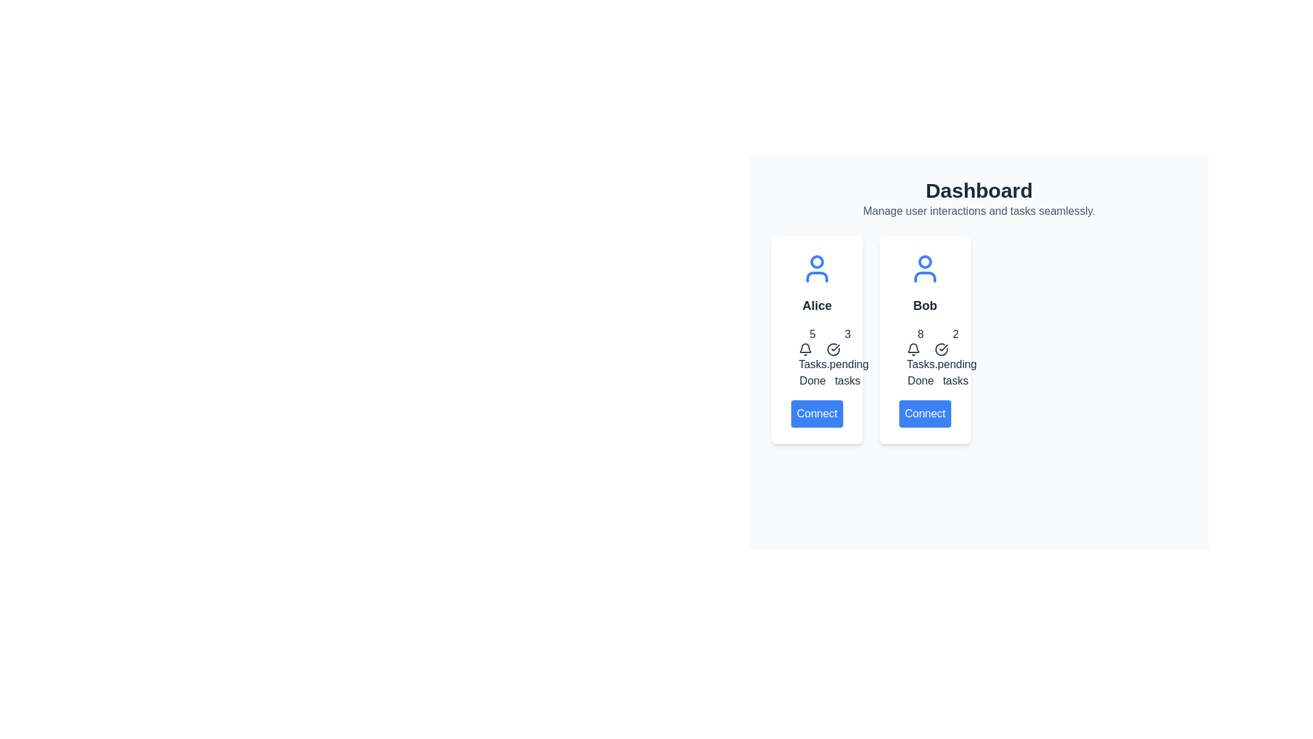  Describe the element at coordinates (925, 339) in the screenshot. I see `the Profile card containing the name 'Bob' and the 'Connect' button` at that location.